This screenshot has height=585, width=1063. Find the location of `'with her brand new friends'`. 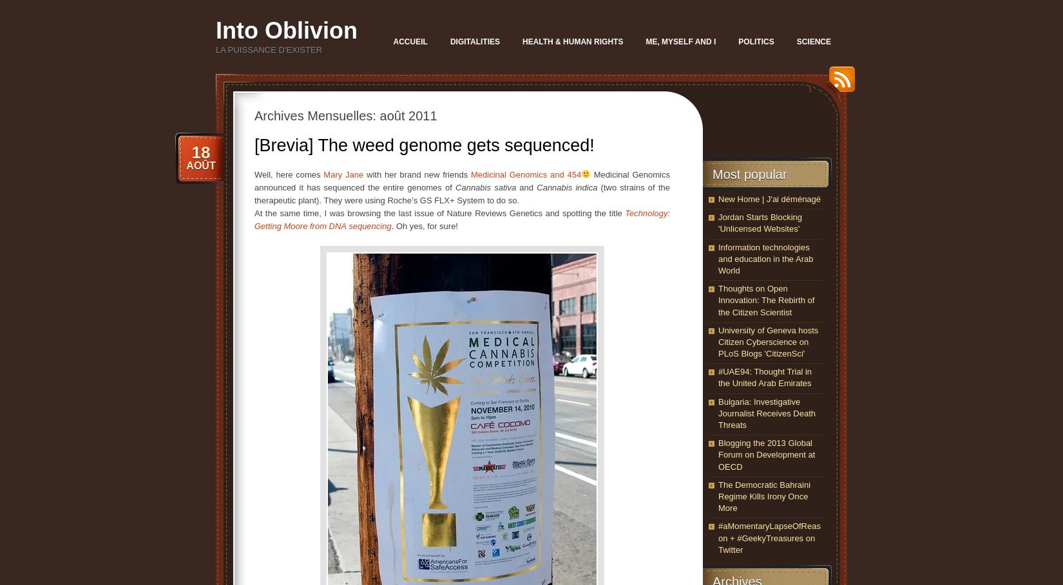

'with her brand new friends' is located at coordinates (416, 174).